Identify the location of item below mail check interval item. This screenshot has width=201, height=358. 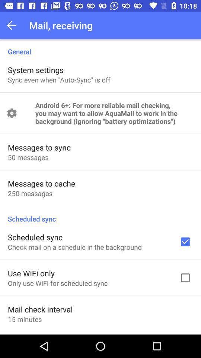
(25, 319).